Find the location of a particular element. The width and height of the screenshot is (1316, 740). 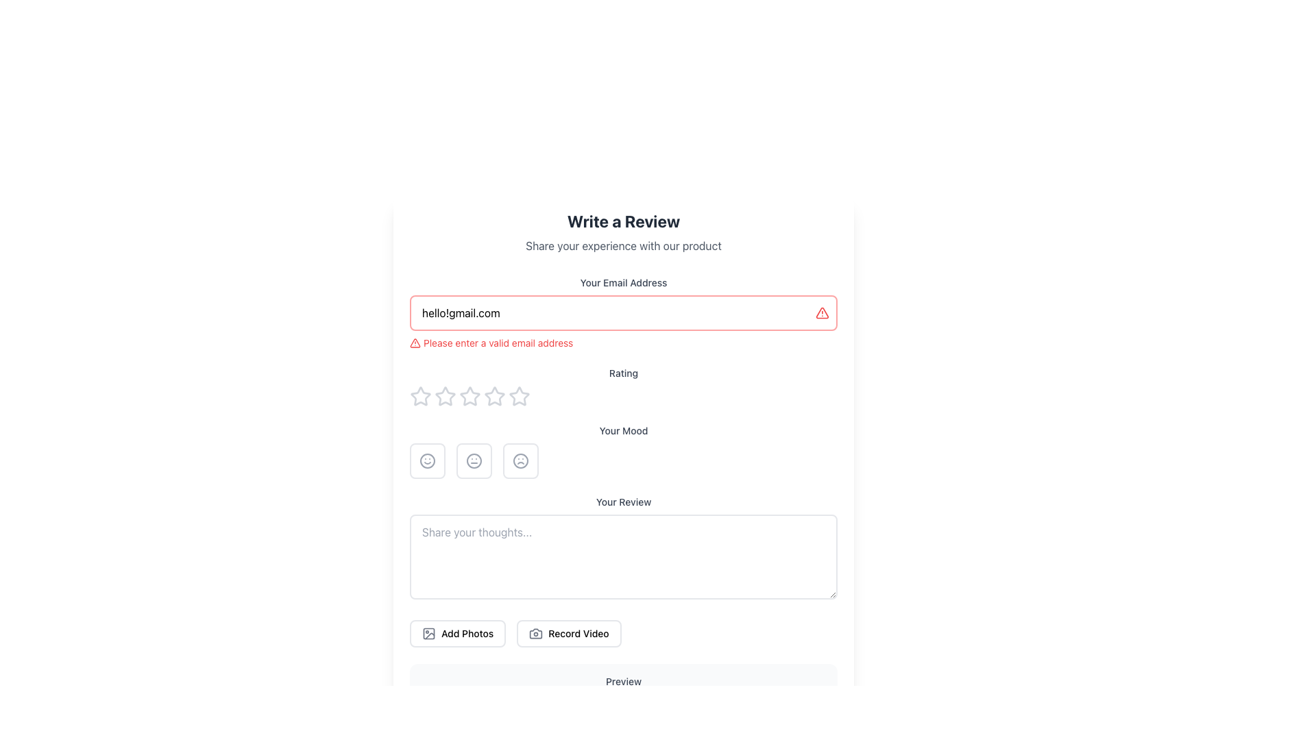

the Text Label that serves as the title for the review submission form, located at the top of the page above the explanatory text 'Share your experience with our product' is located at coordinates (623, 221).